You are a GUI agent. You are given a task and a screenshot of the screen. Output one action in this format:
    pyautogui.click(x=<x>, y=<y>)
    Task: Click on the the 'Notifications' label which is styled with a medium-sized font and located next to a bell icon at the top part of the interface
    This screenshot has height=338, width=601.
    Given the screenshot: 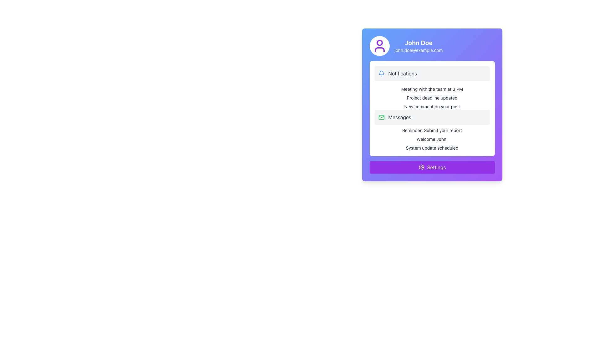 What is the action you would take?
    pyautogui.click(x=403, y=73)
    